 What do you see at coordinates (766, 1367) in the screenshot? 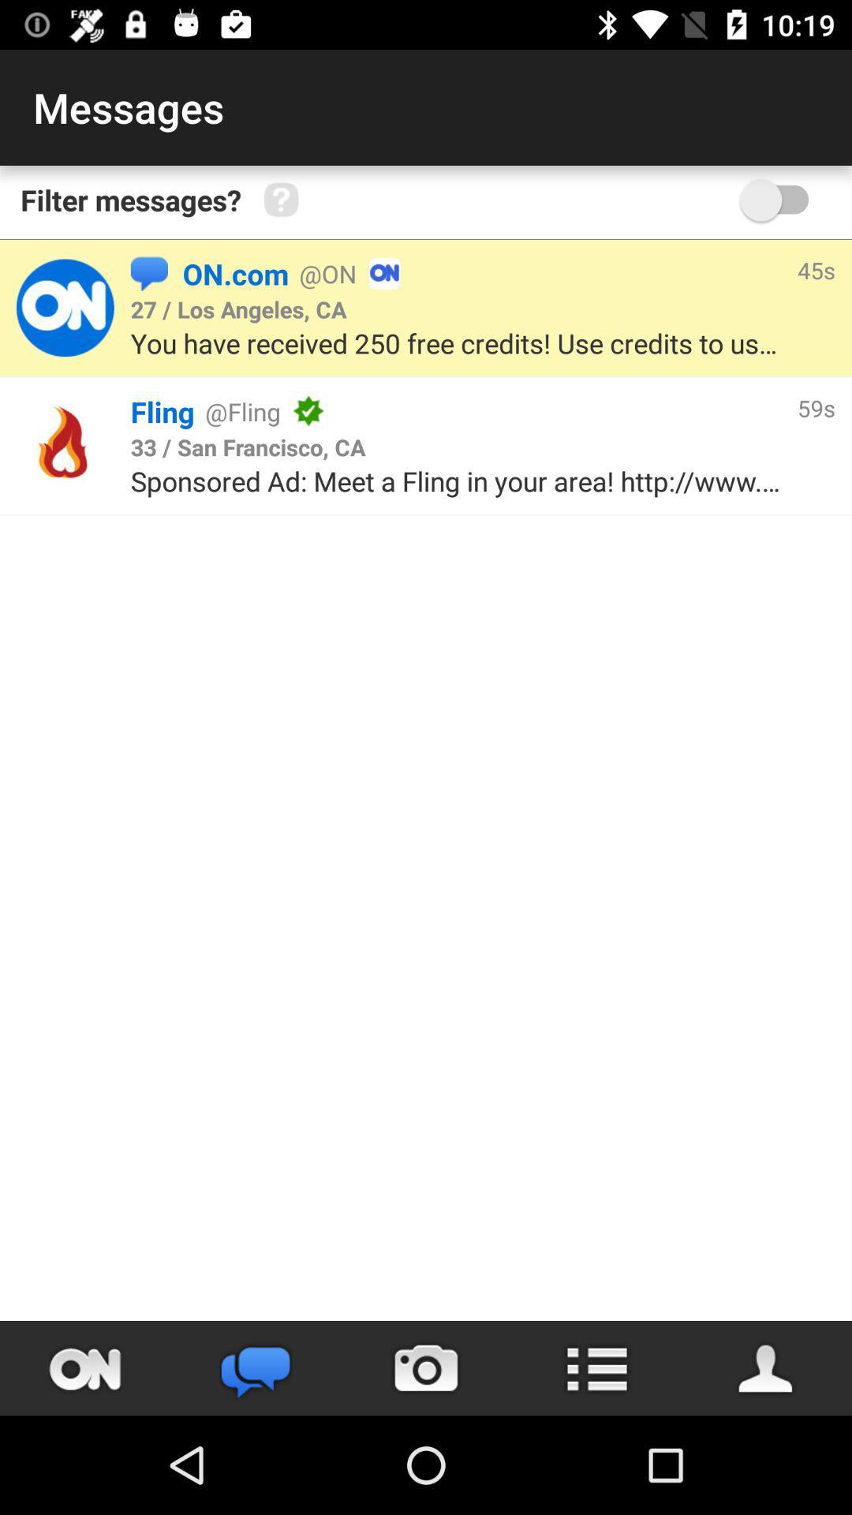
I see `men 's favorite` at bounding box center [766, 1367].